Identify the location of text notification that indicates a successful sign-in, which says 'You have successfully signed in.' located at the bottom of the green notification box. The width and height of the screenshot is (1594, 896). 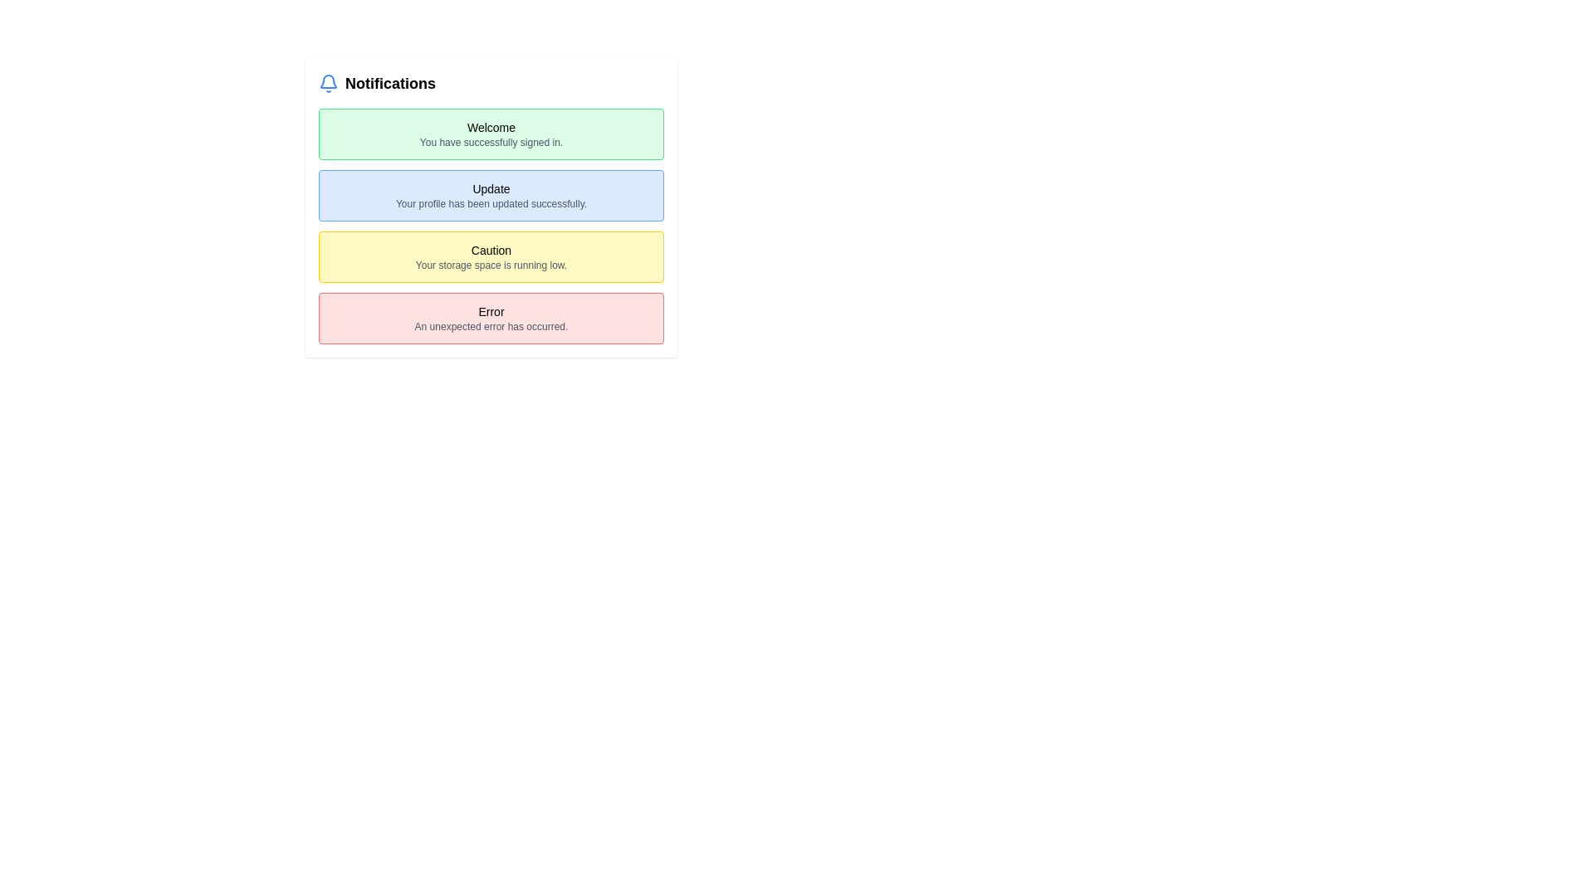
(490, 142).